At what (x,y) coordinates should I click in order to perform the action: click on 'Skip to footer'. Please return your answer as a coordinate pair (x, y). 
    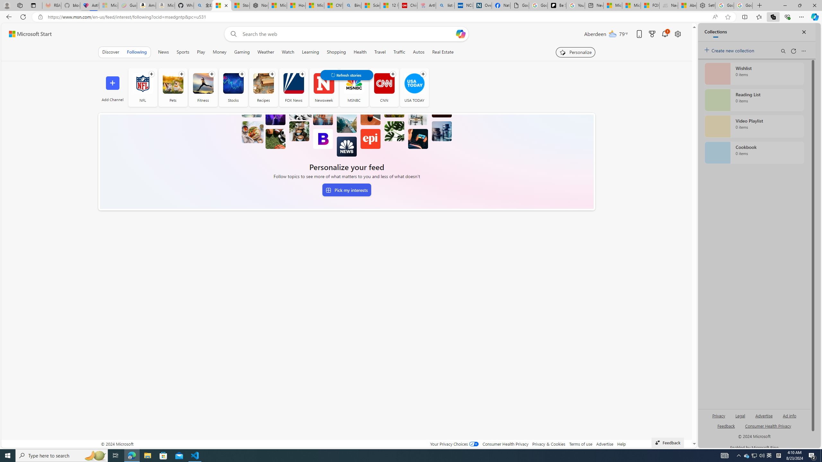
    Looking at the image, I should click on (26, 33).